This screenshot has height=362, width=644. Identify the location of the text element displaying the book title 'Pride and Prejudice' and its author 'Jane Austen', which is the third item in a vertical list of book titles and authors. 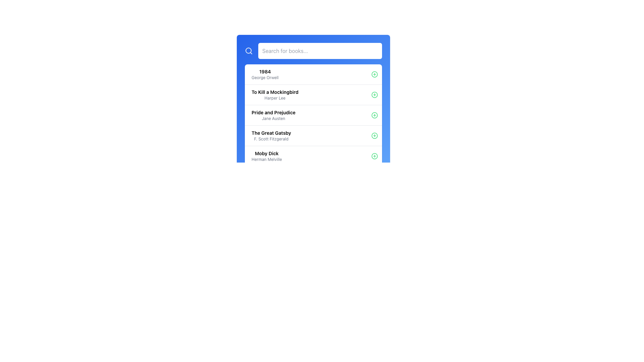
(273, 115).